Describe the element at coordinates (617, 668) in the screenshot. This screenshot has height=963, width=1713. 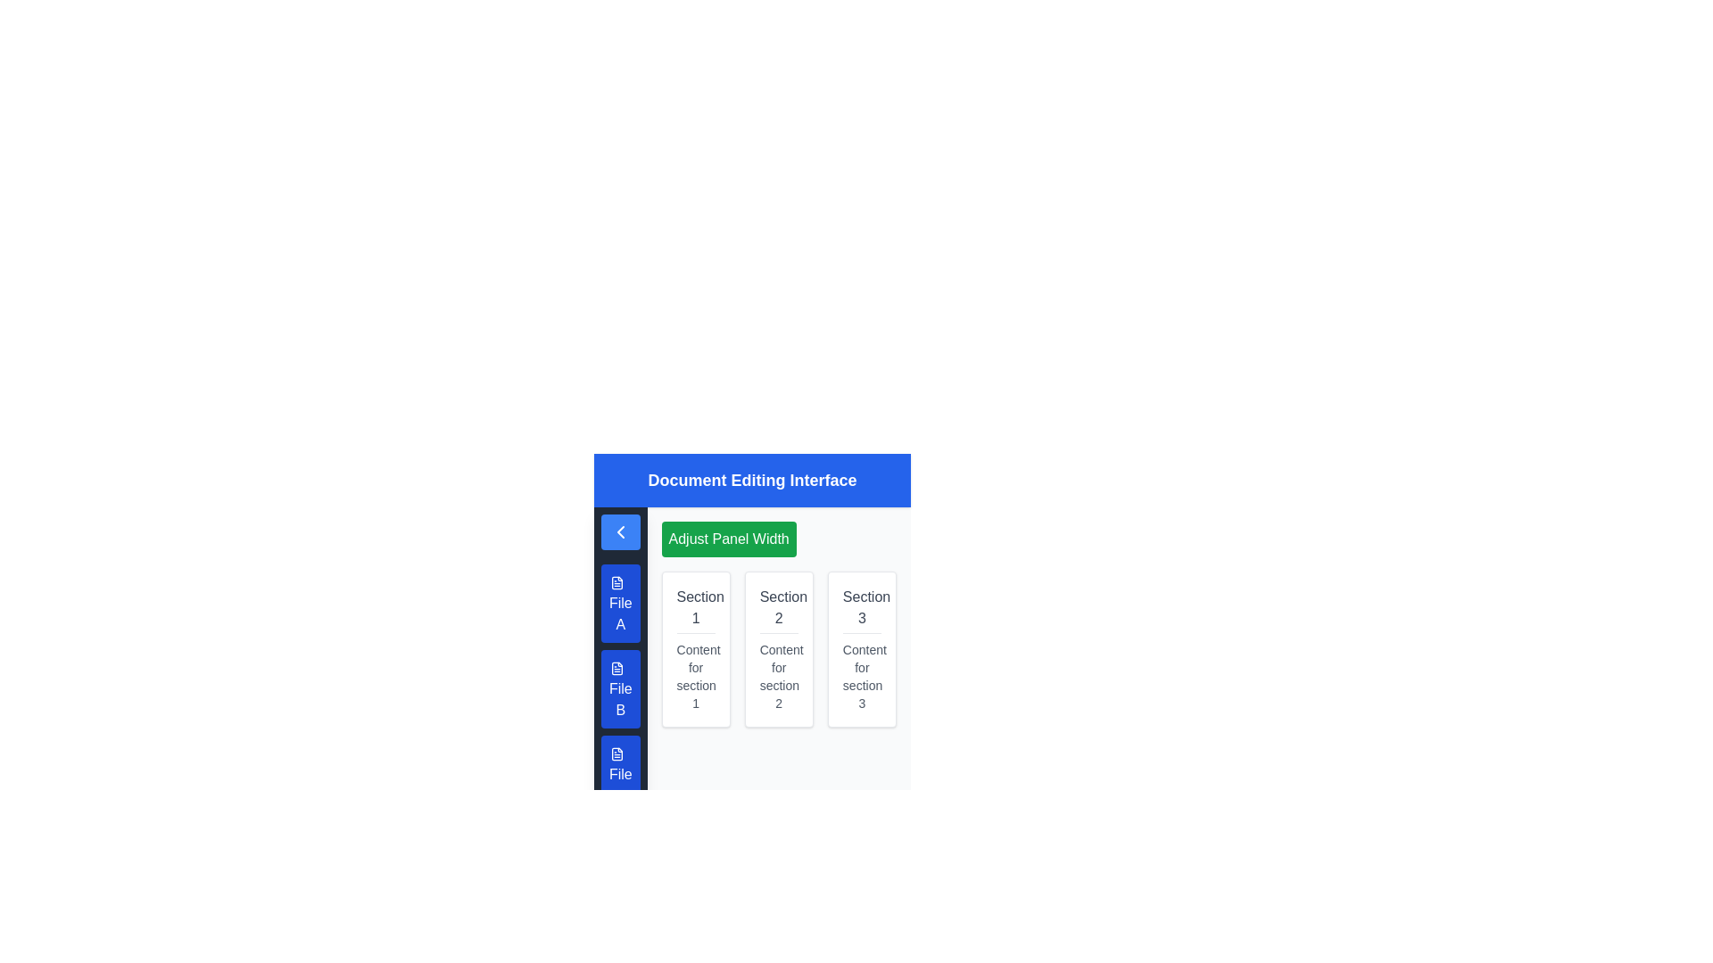
I see `SVG icon located within the button labeled 'File B', which is positioned on the left side of the application in the vertical navigation bar` at that location.